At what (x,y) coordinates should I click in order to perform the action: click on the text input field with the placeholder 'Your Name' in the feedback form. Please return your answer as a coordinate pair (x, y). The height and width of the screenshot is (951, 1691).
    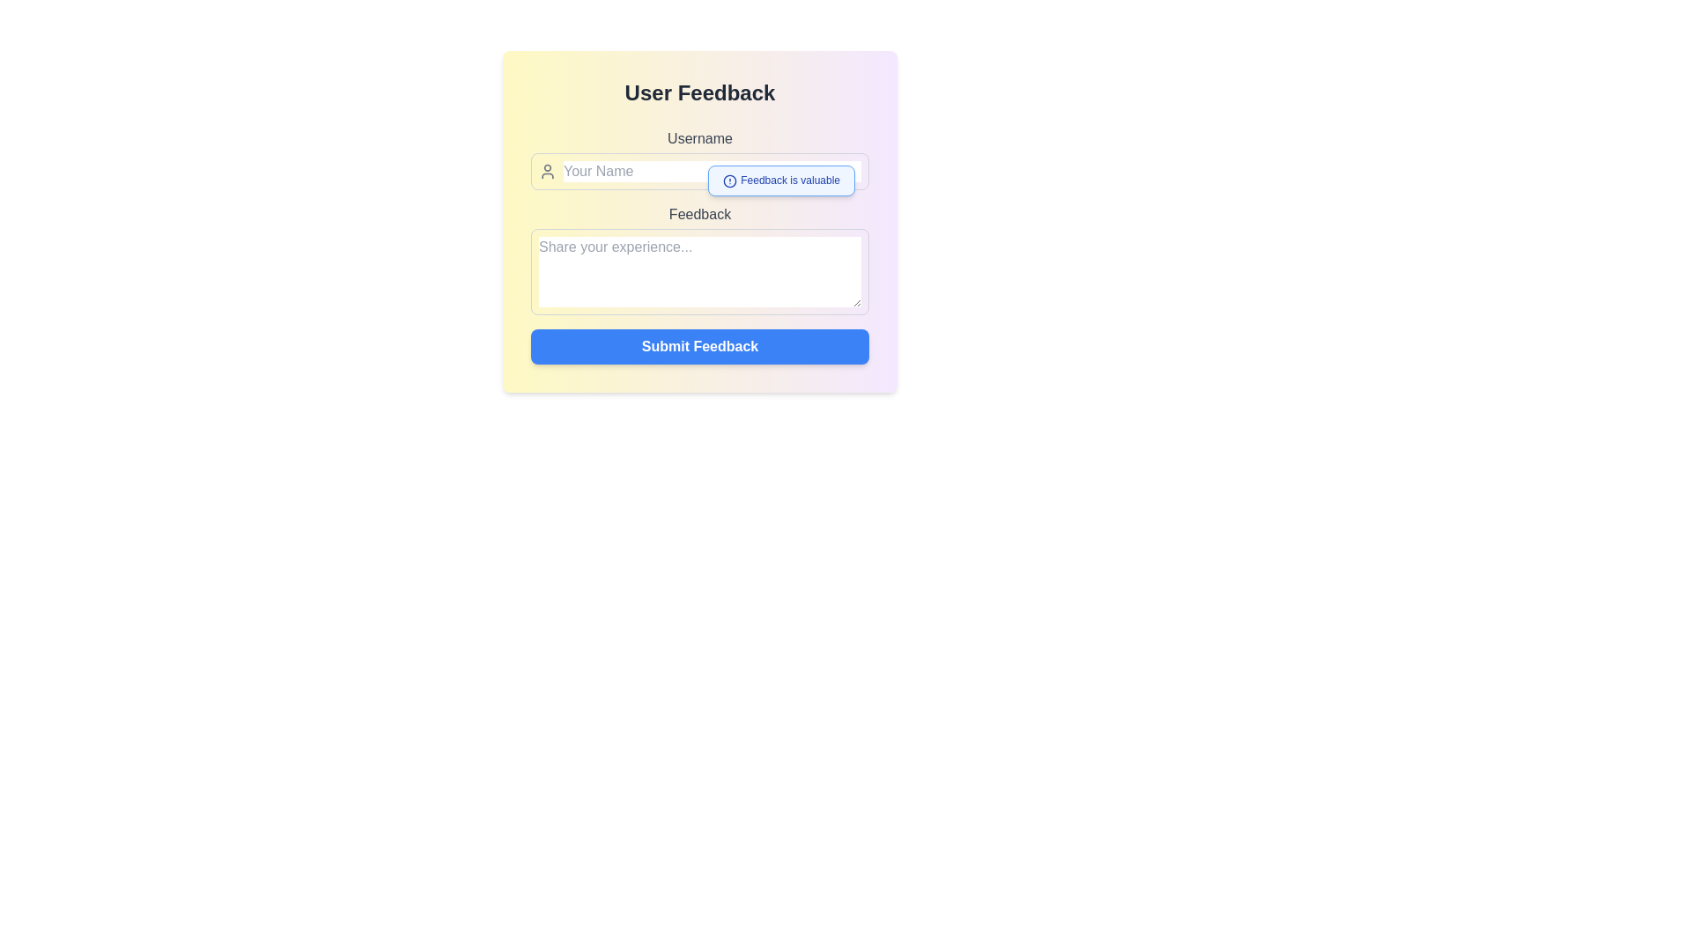
    Looking at the image, I should click on (699, 159).